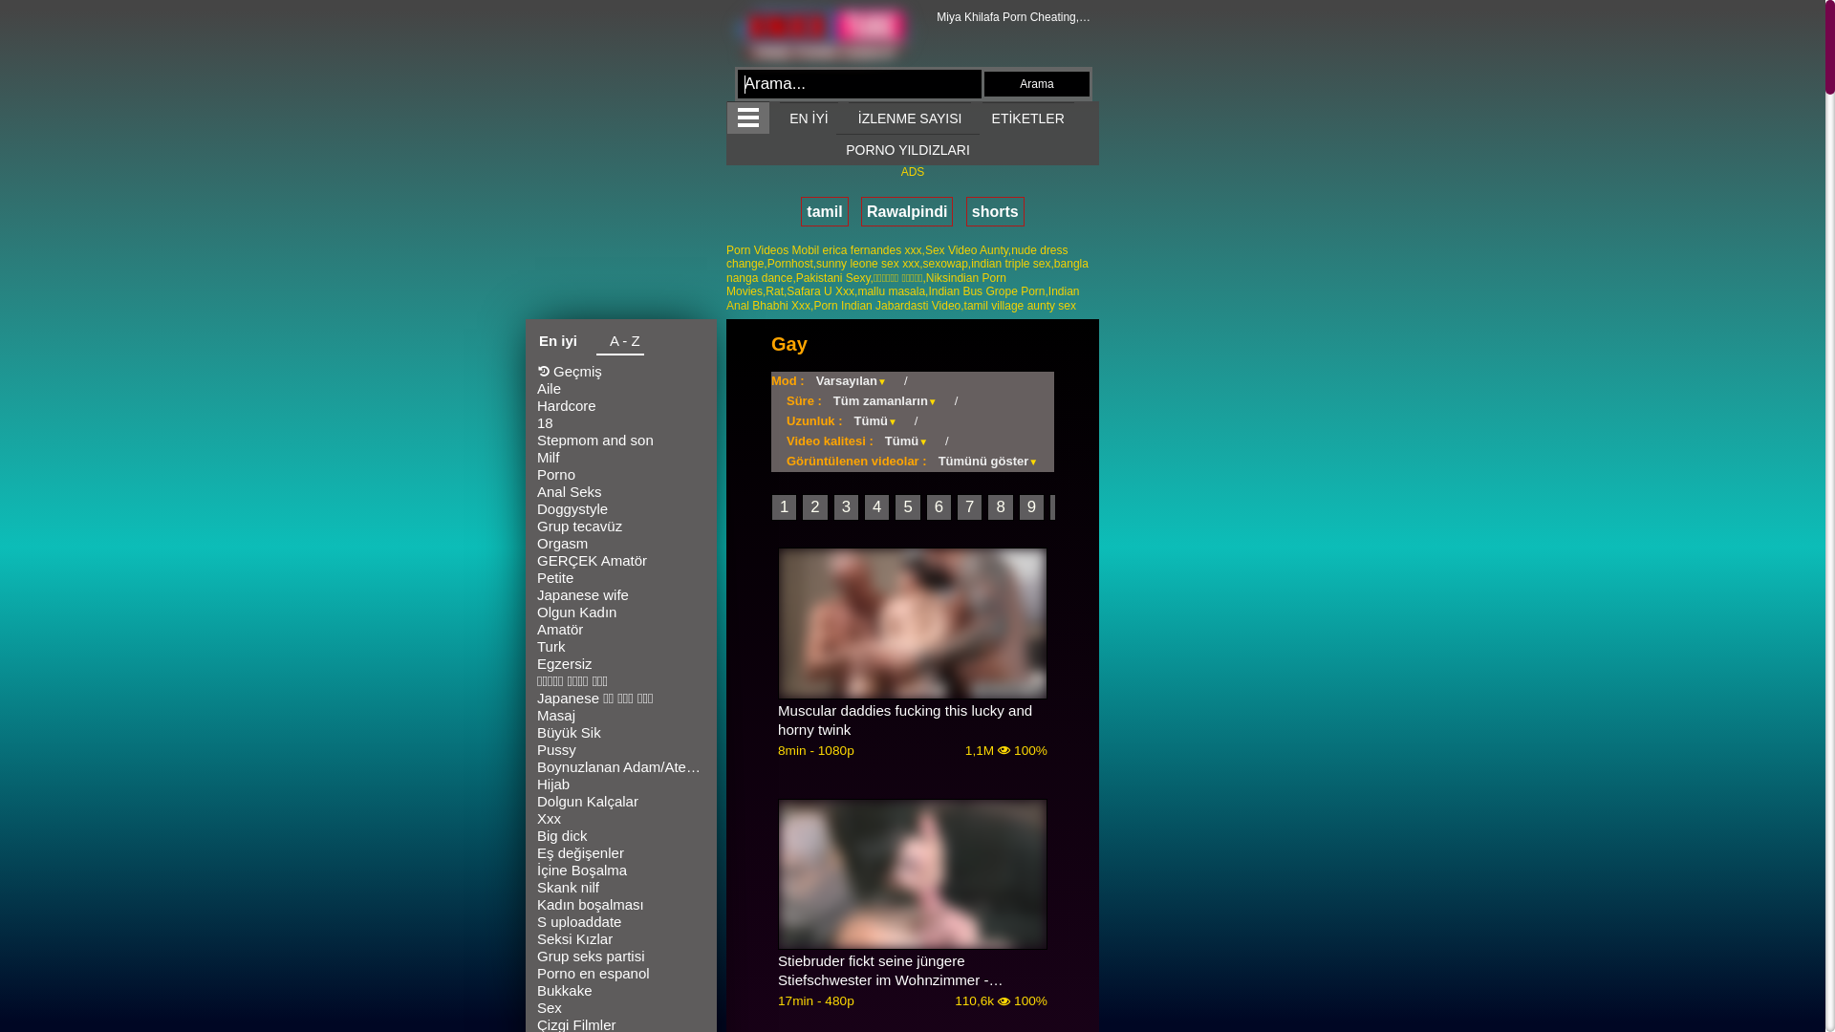 The image size is (1835, 1032). What do you see at coordinates (999, 506) in the screenshot?
I see `'8'` at bounding box center [999, 506].